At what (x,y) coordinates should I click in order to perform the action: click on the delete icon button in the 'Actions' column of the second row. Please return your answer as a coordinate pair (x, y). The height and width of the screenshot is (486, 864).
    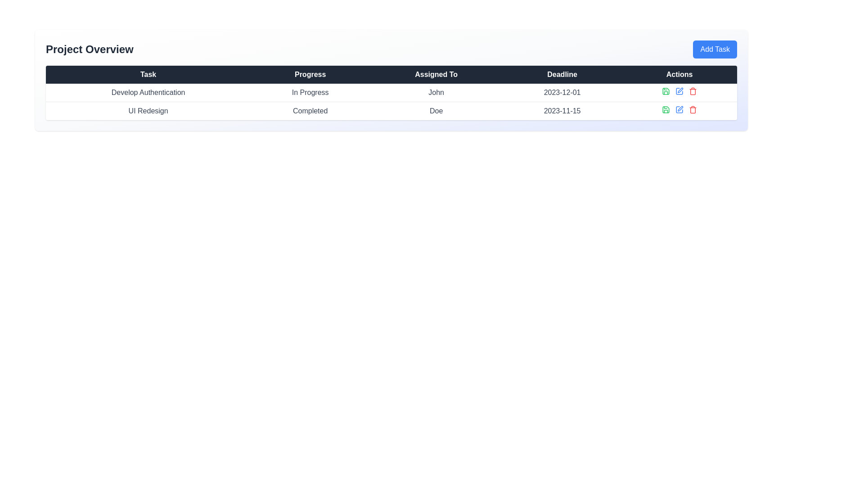
    Looking at the image, I should click on (693, 109).